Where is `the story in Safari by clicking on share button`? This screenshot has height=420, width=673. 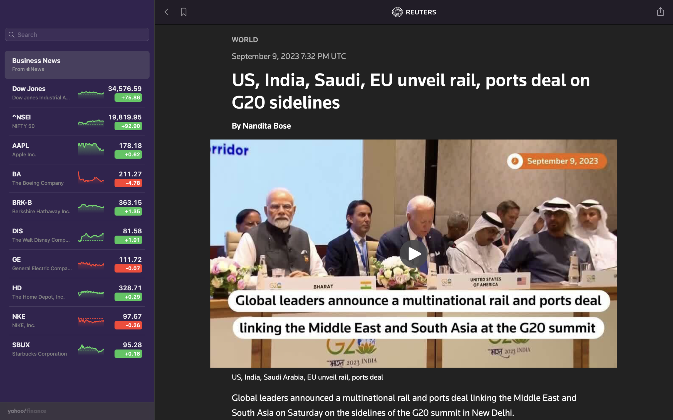
the story in Safari by clicking on share button is located at coordinates (661, 11).